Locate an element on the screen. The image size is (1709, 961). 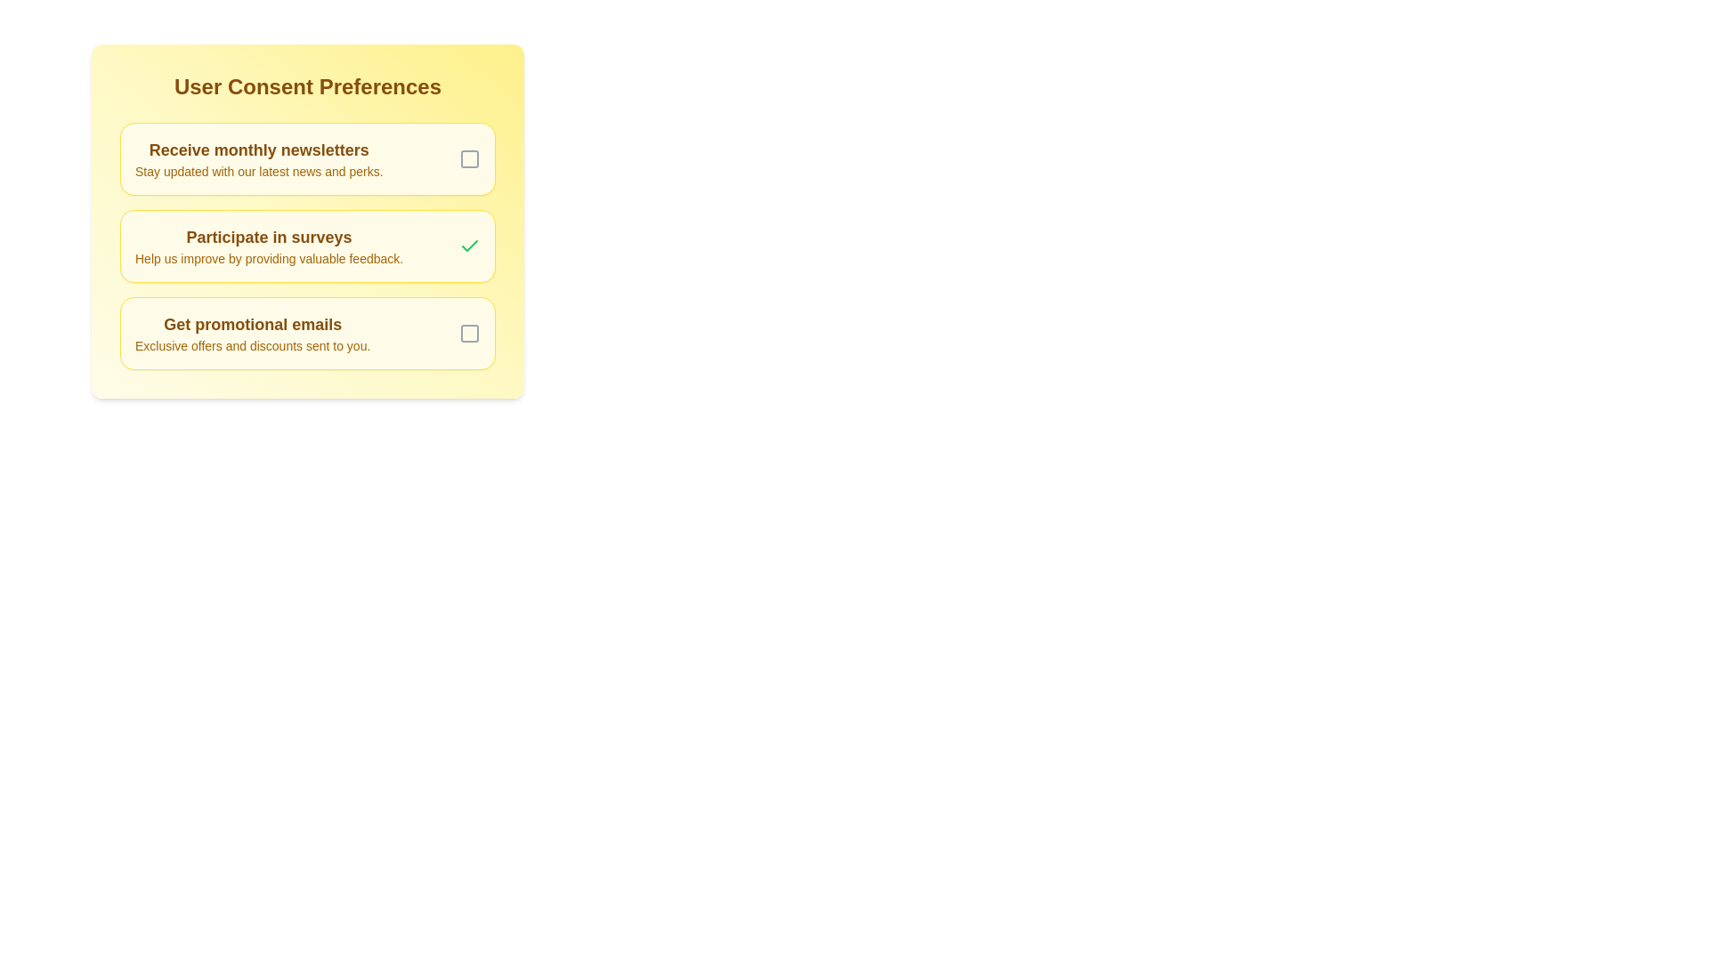
the Text Block that encourages user participation in surveys, located under 'User Consent Preferences' and above 'Get promotional emails.' is located at coordinates (268, 246).